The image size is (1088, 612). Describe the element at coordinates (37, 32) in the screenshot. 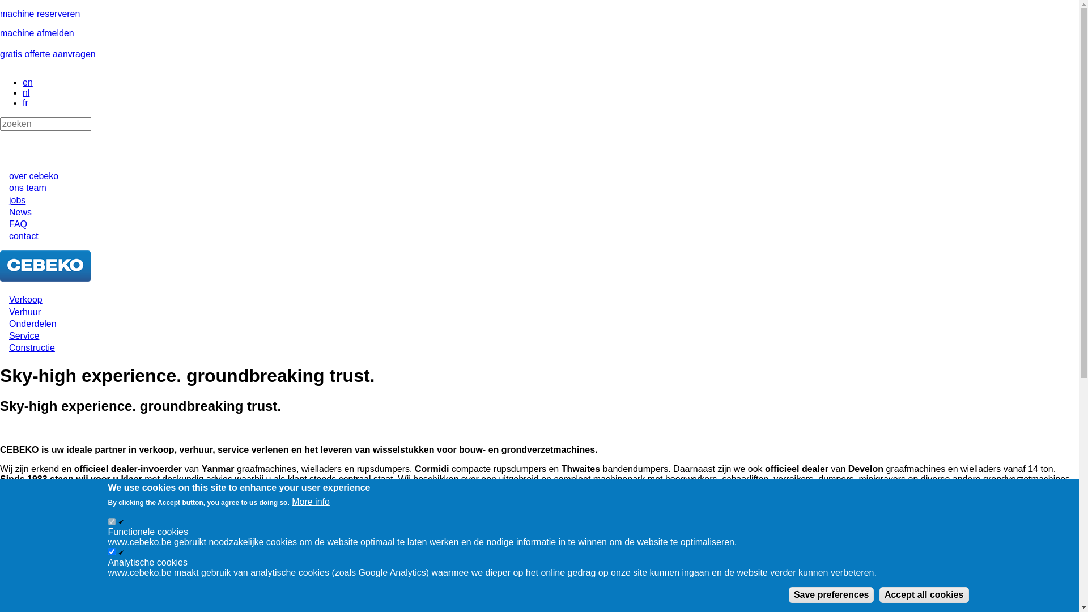

I see `'machine afmelden'` at that location.